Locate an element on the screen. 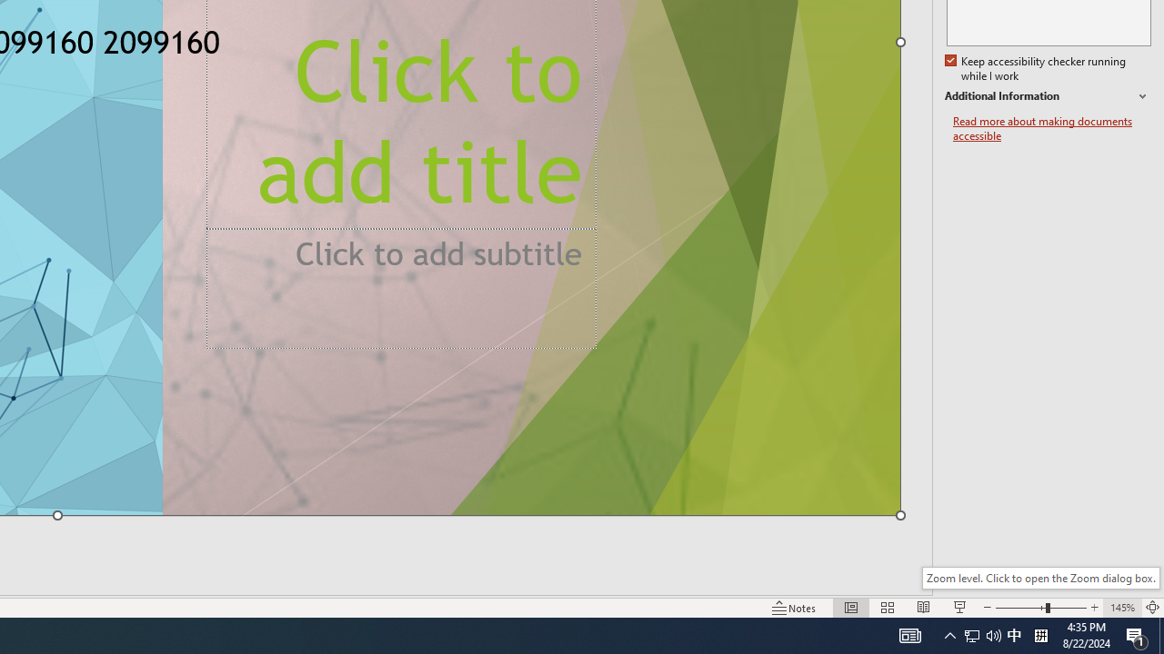 The width and height of the screenshot is (1164, 654). 'Zoom level. Click to open the Zoom dialog box.' is located at coordinates (1040, 578).